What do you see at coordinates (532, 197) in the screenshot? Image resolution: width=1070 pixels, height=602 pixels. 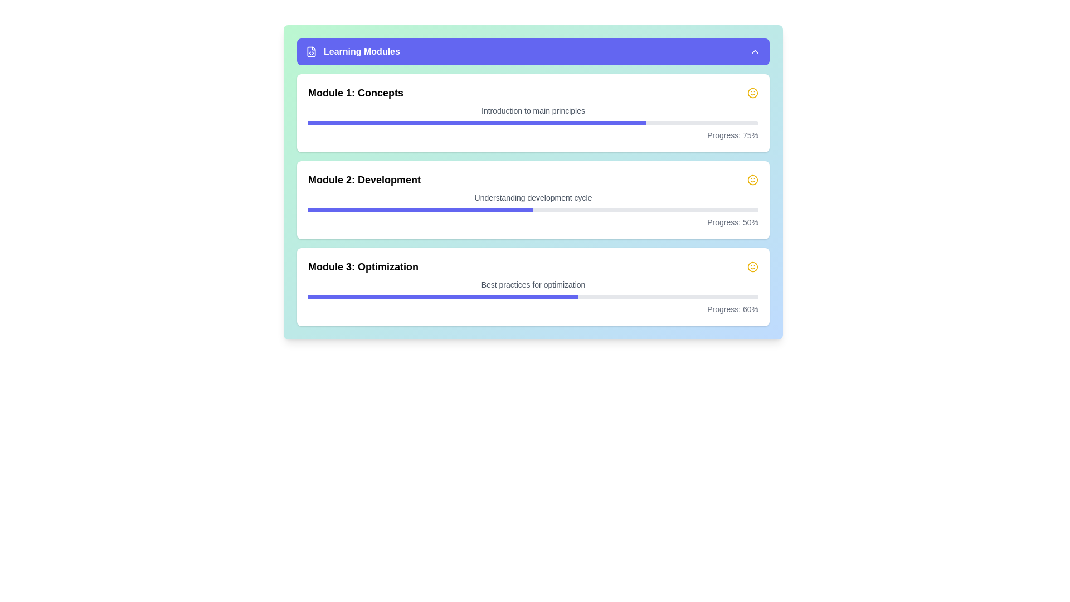 I see `the text label that reads 'Understanding development cycle,' which is styled in small gray text and located below the bold title 'Module 2: Development' within the second module card` at bounding box center [532, 197].